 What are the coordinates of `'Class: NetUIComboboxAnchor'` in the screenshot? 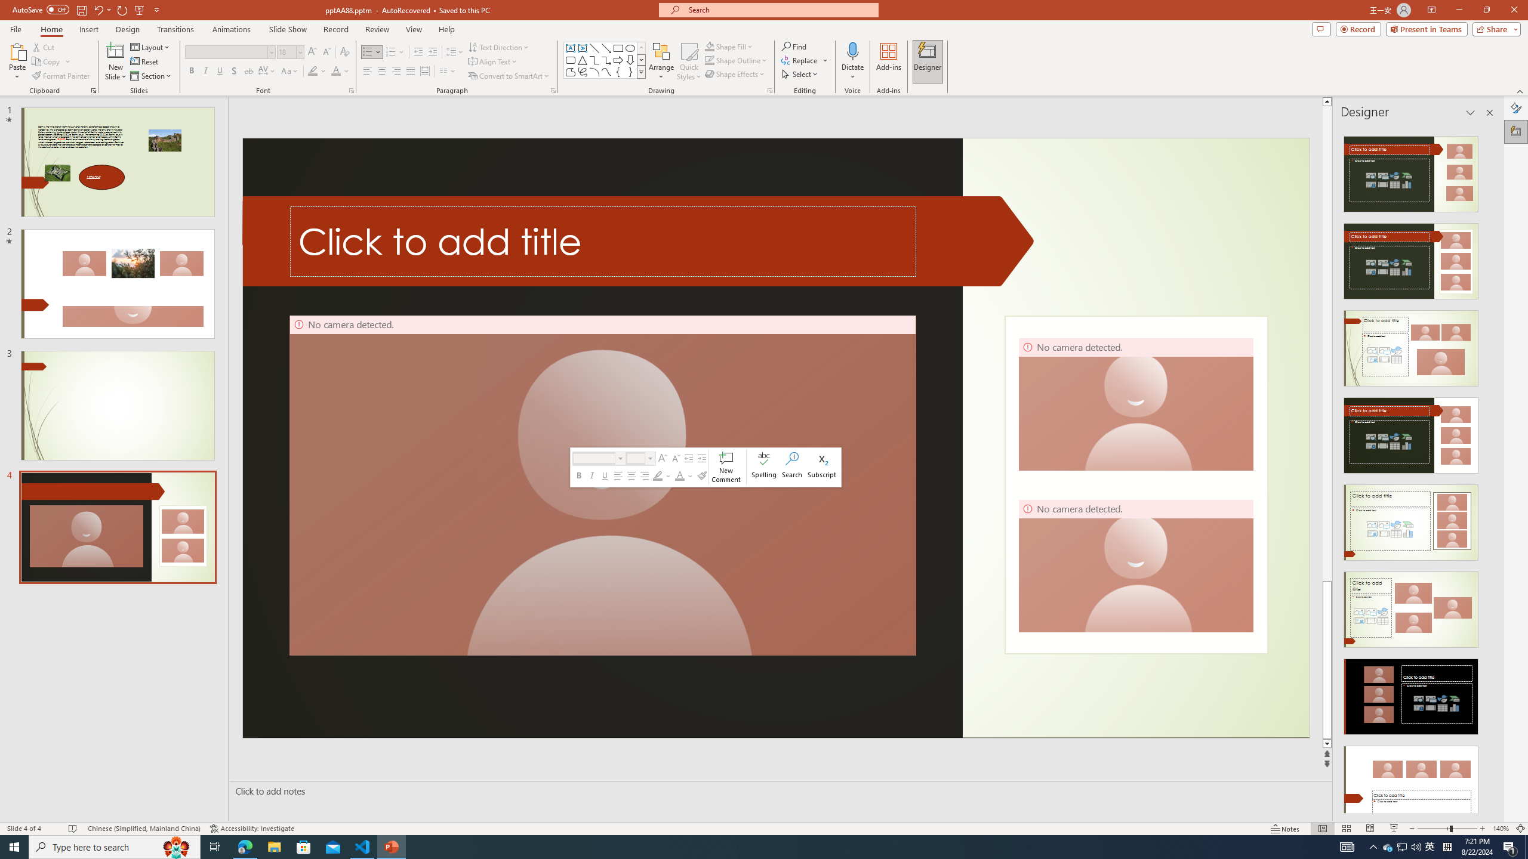 It's located at (640, 458).